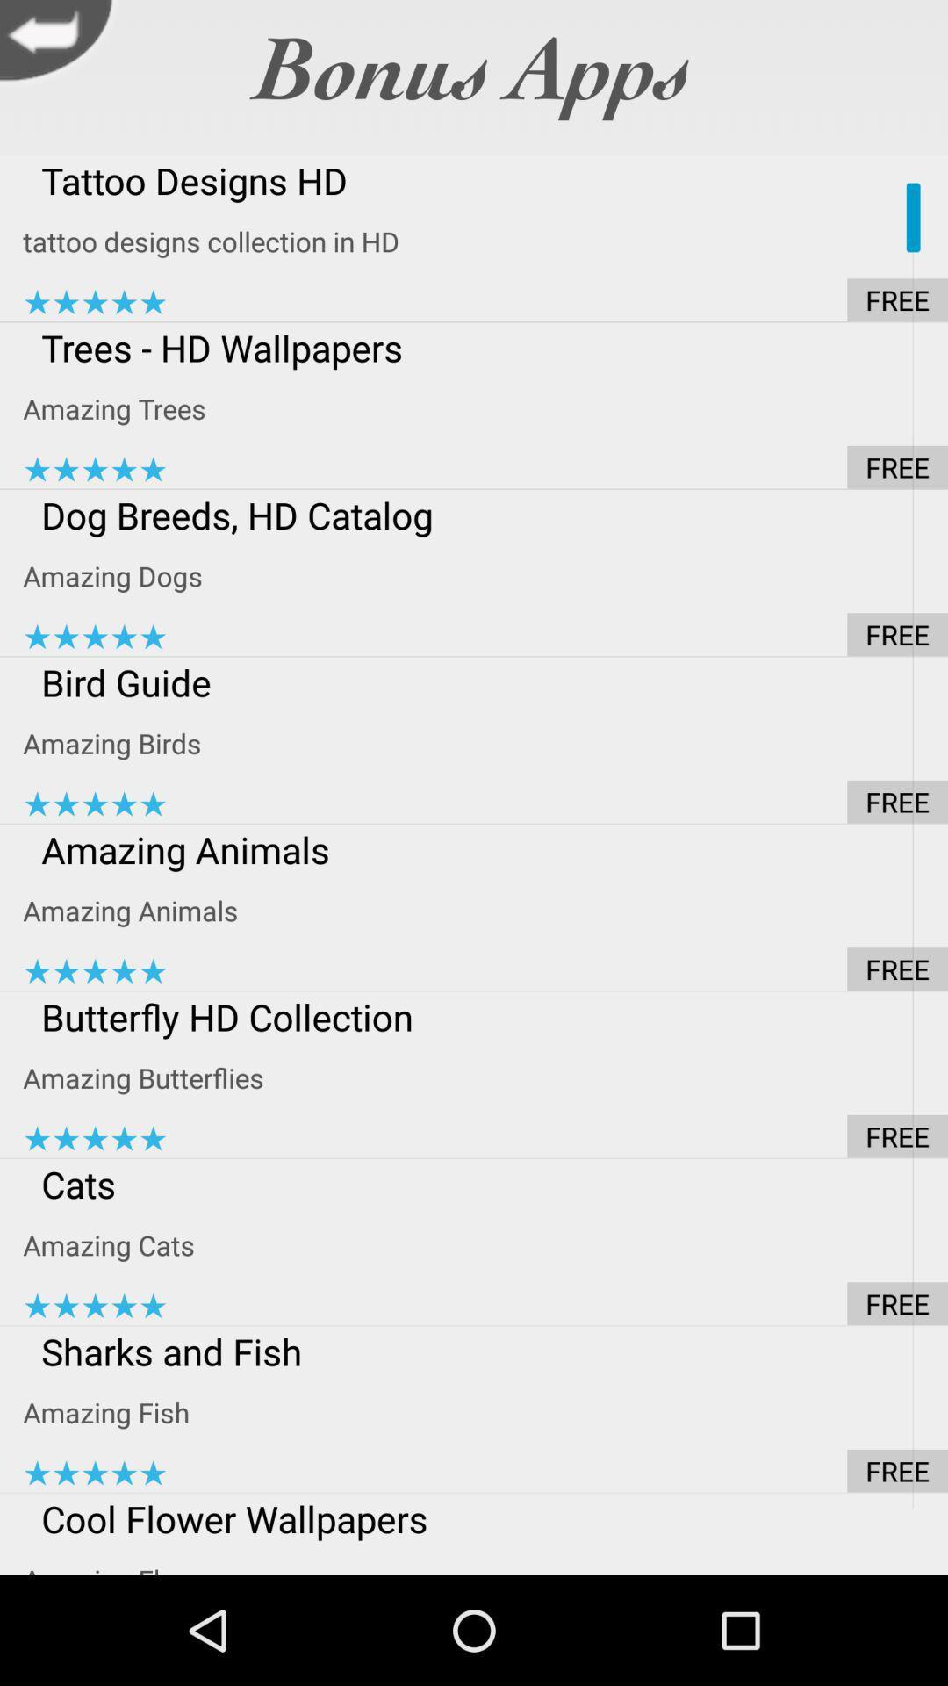 The image size is (948, 1686). Describe the element at coordinates (485, 1351) in the screenshot. I see `sharks and fish` at that location.